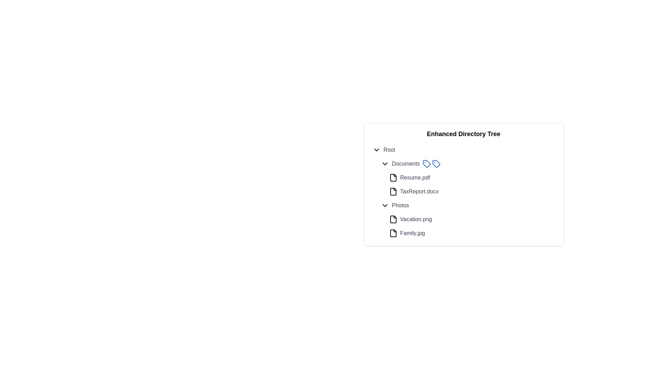  Describe the element at coordinates (463, 191) in the screenshot. I see `files or folders in the 'Enhanced Directory Tree' panel under the 'Documents' subsection by clicking on the corresponding item` at that location.